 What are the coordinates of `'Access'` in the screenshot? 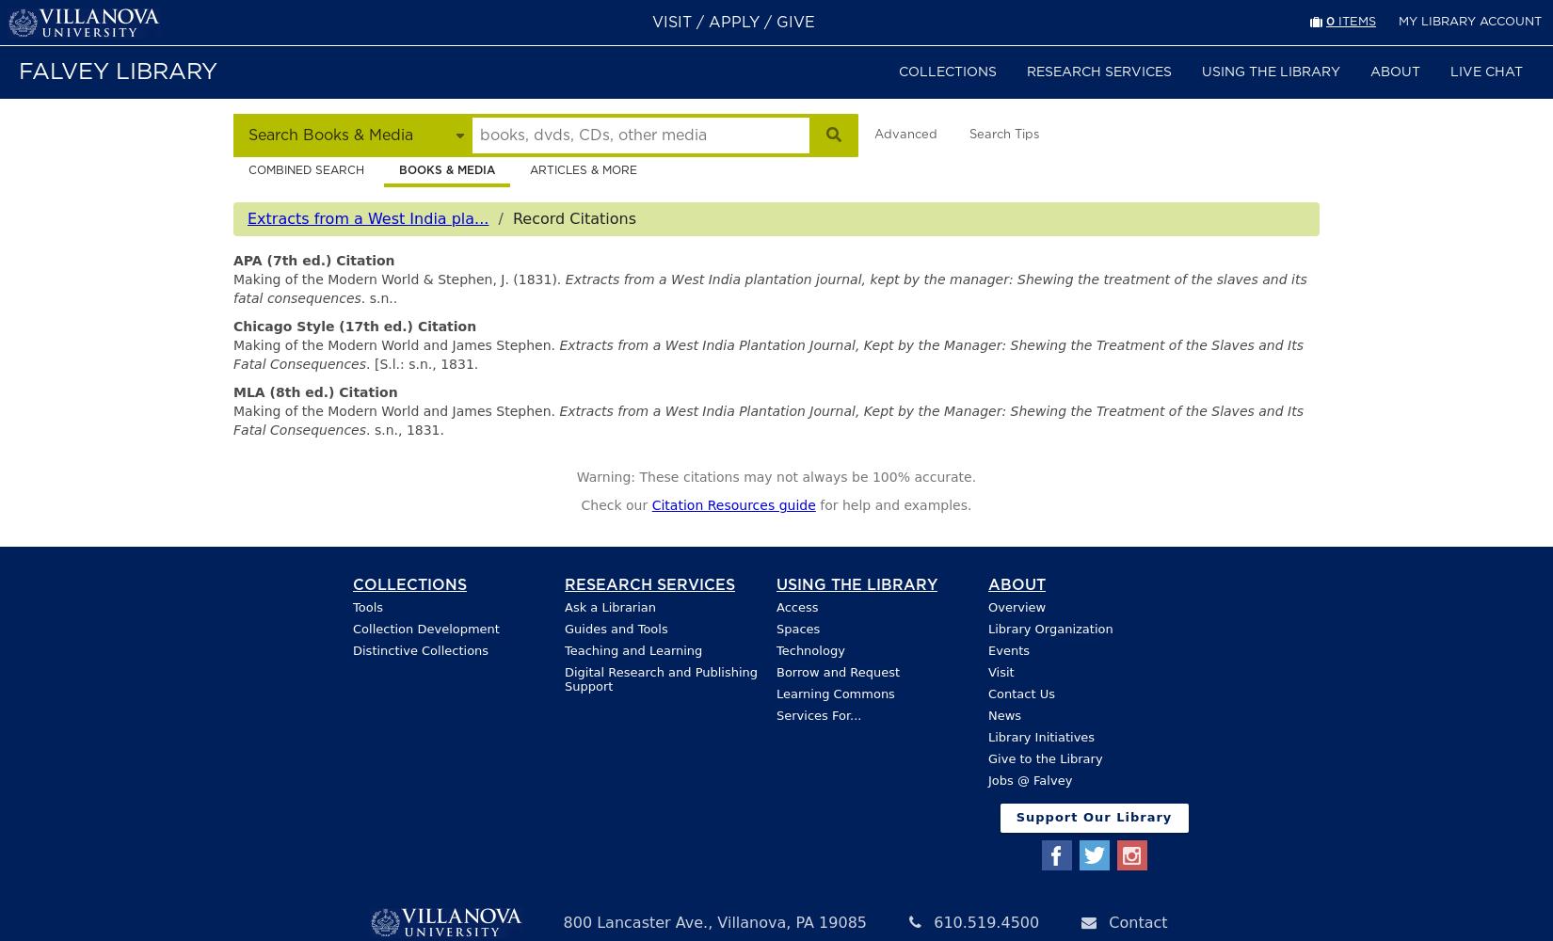 It's located at (796, 607).